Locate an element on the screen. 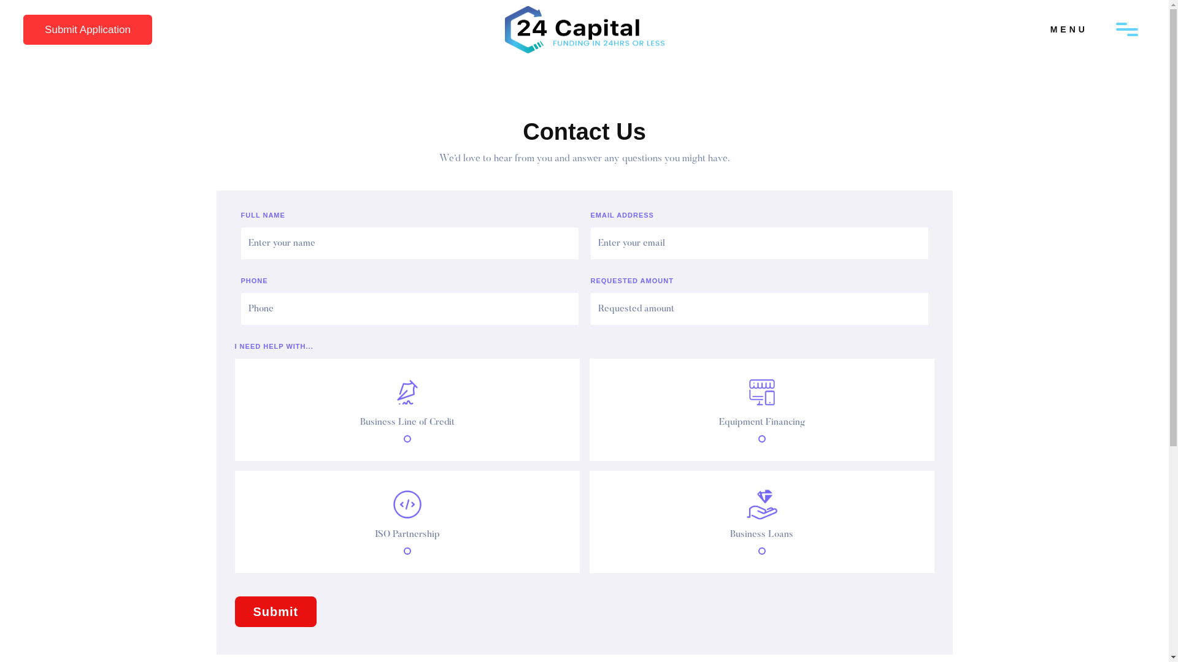 The width and height of the screenshot is (1178, 662). 'Submit' is located at coordinates (275, 612).